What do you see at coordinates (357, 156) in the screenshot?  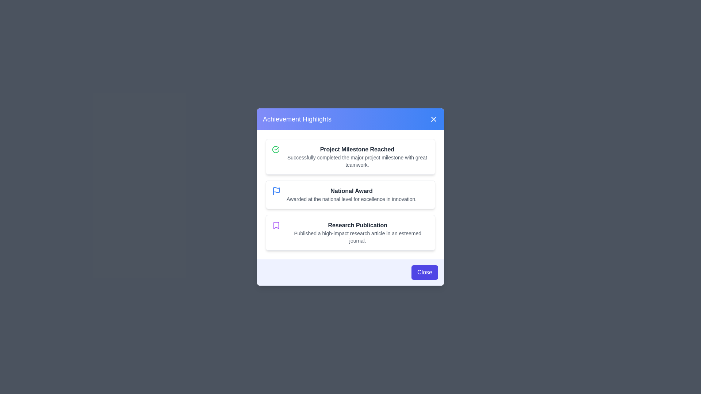 I see `the 'Project Milestone Reached' text element, which is the topmost card in the 'Achievement Highlights' panel, displaying a bold title and a smaller description` at bounding box center [357, 156].